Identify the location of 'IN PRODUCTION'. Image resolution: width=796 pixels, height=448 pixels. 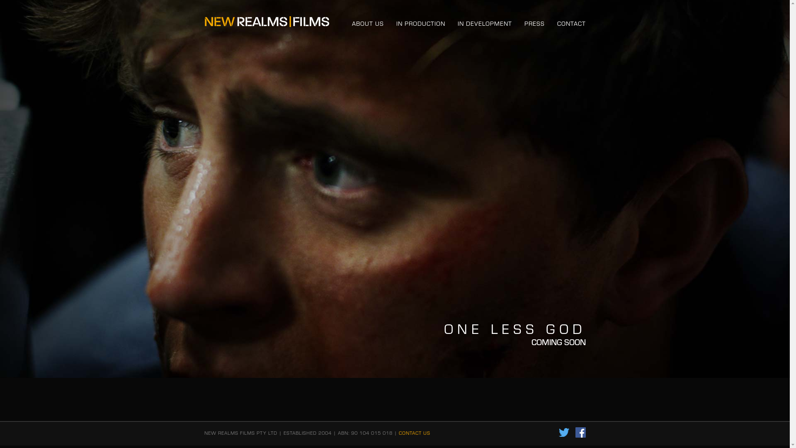
(420, 23).